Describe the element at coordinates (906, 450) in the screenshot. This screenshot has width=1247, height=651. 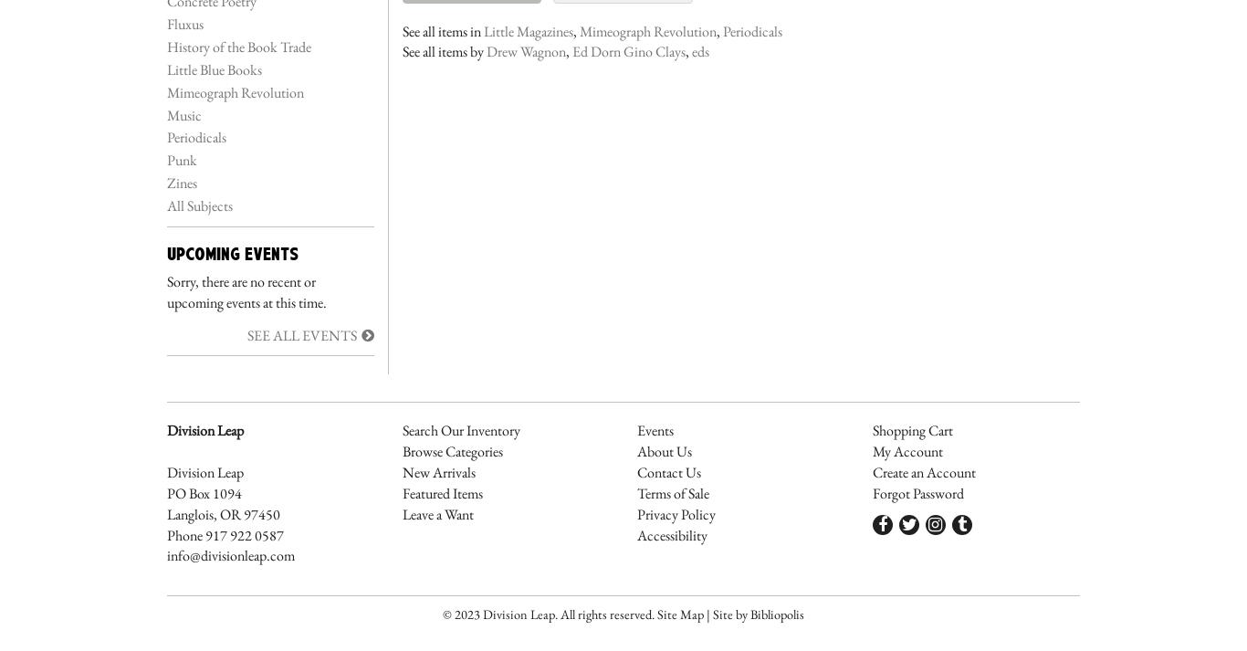
I see `'My Account'` at that location.